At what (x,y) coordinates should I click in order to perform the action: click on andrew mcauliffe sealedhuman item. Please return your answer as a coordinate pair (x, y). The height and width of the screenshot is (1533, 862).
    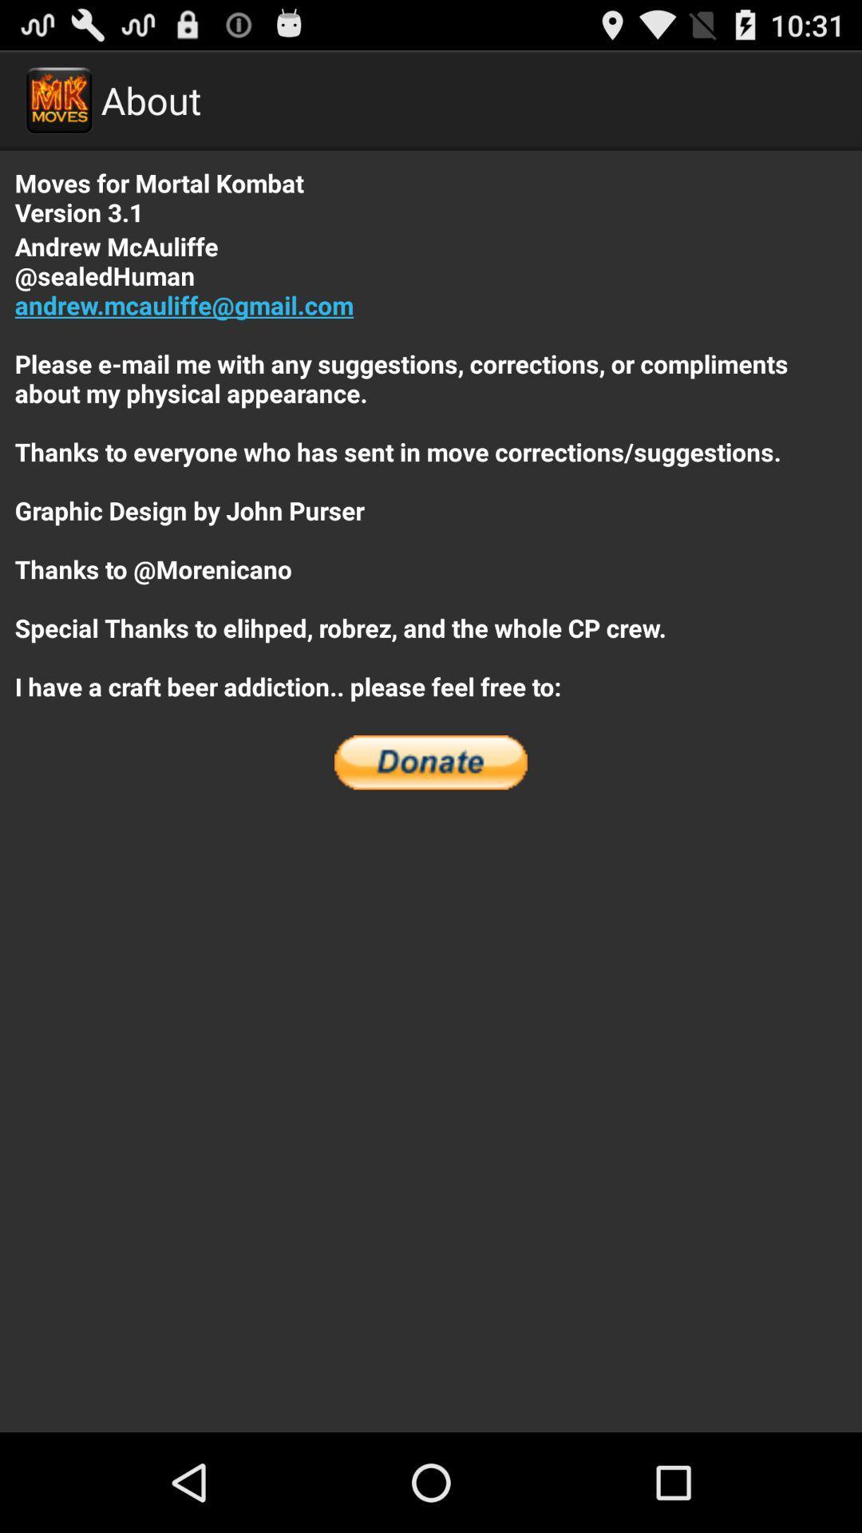
    Looking at the image, I should click on (431, 465).